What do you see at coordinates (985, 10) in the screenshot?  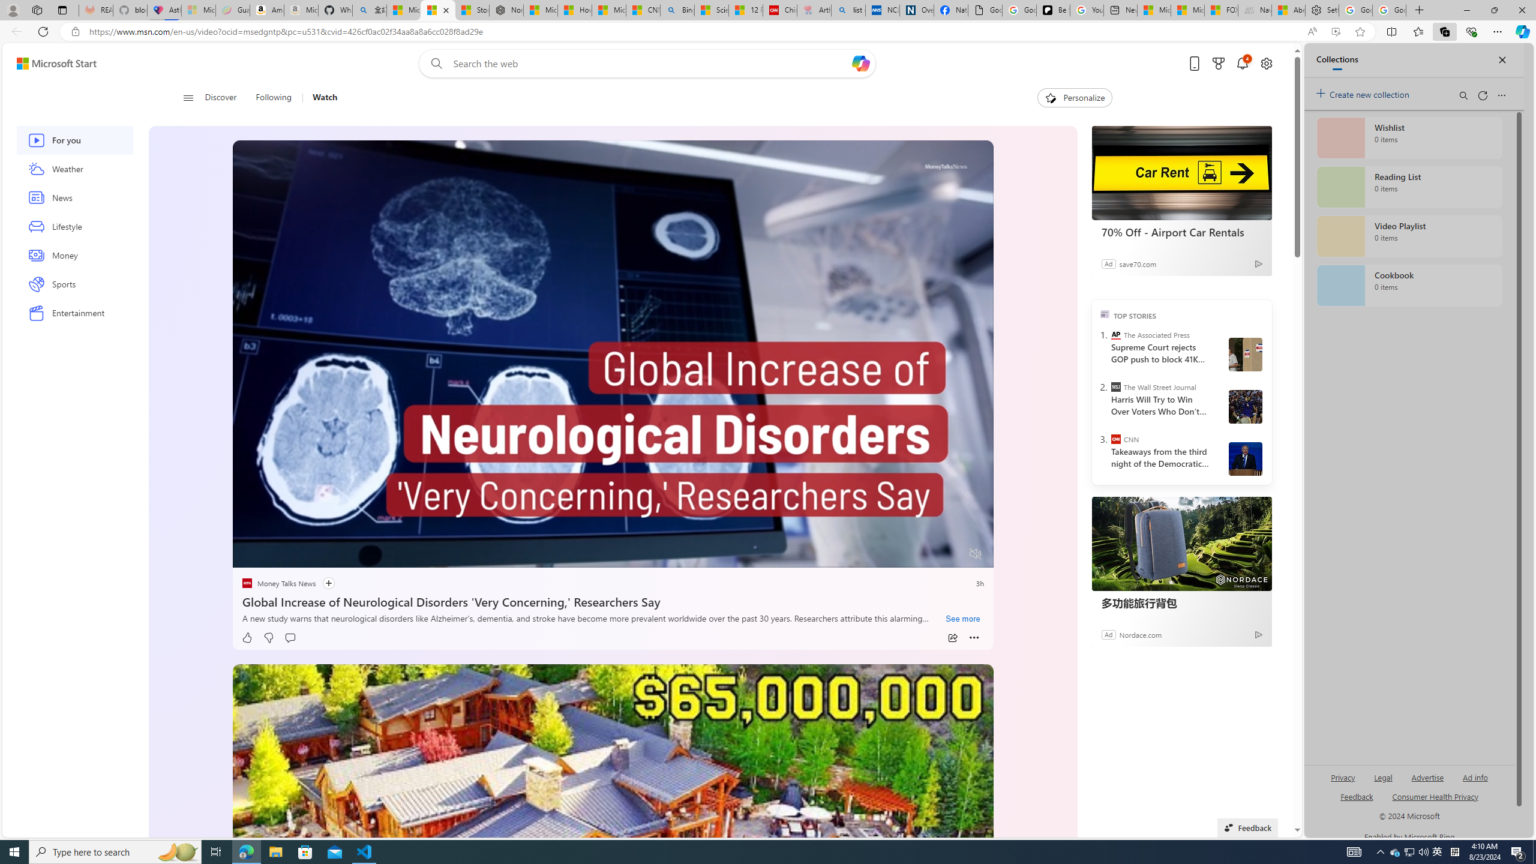 I see `'Google Analytics Opt-out Browser Add-on Download Page'` at bounding box center [985, 10].